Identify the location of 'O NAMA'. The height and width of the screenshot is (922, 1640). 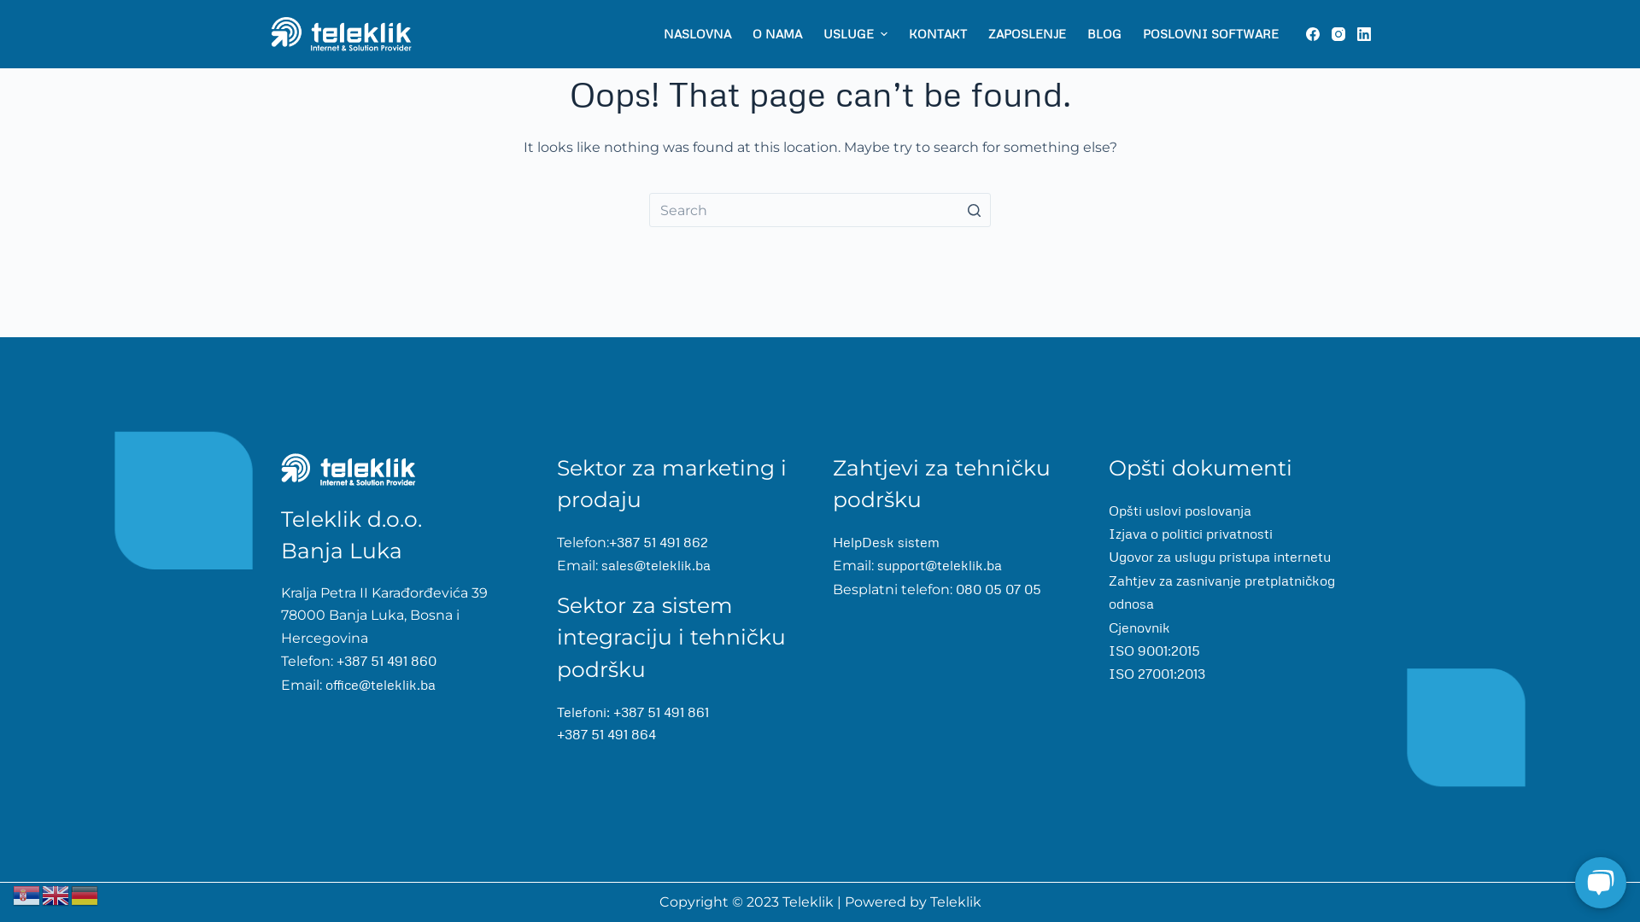
(776, 33).